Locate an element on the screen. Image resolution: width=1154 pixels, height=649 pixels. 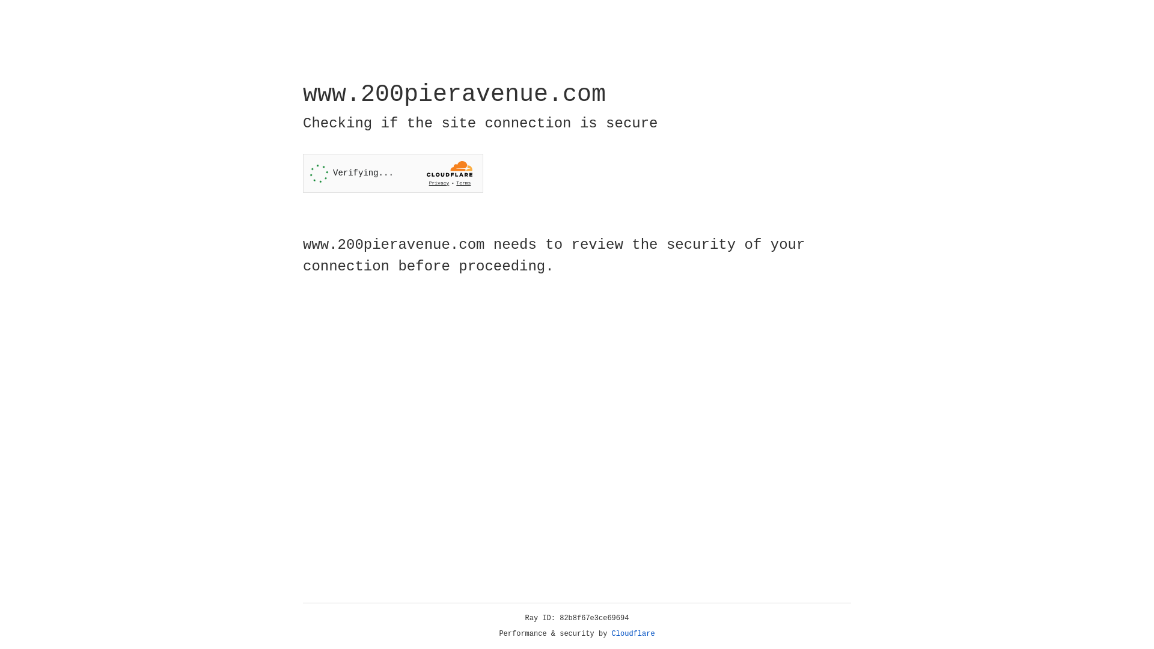
'Cloudflare' is located at coordinates (633, 633).